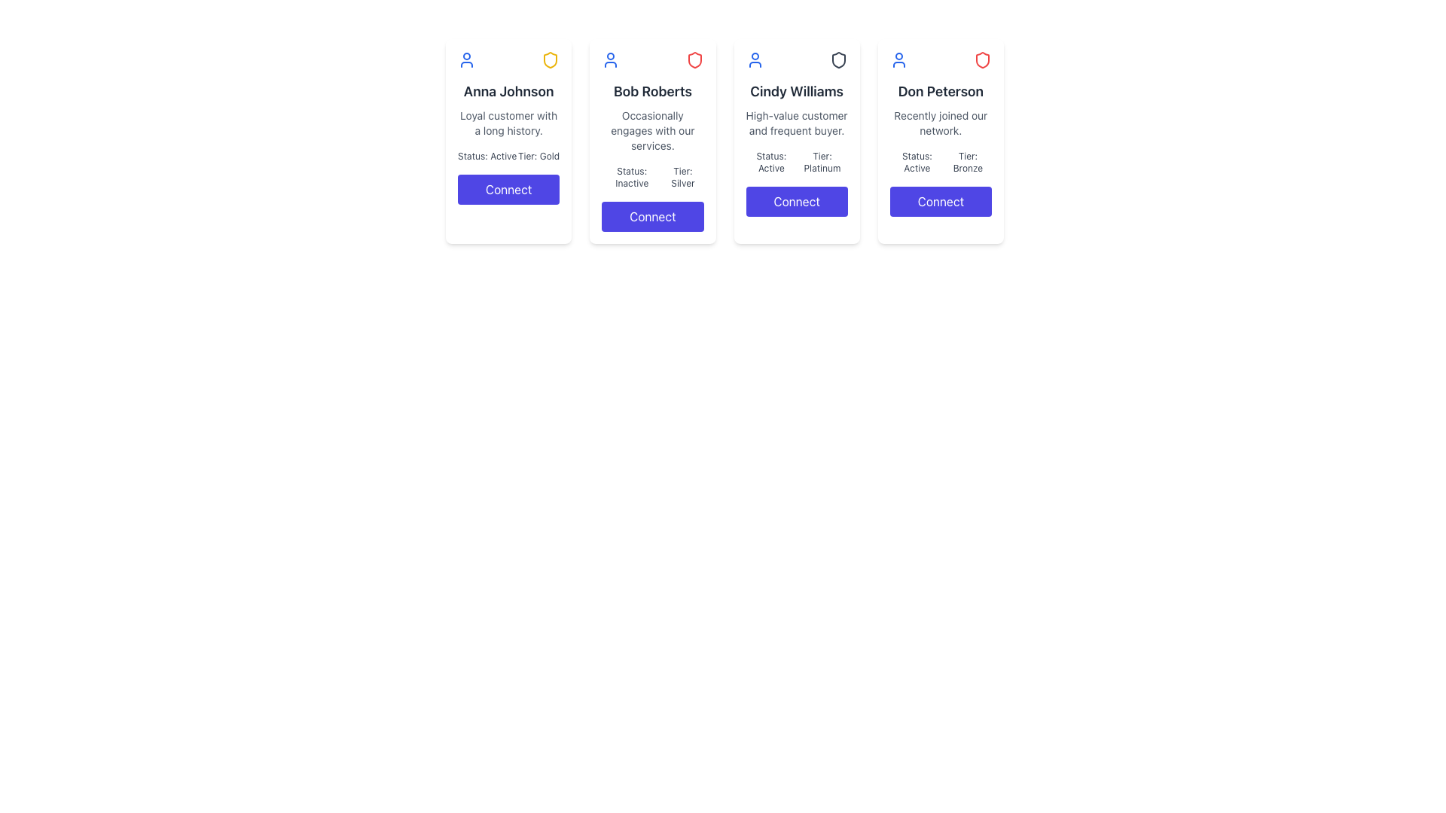  What do you see at coordinates (837, 59) in the screenshot?
I see `the shield icon status indicator on the third card from the left, located at the top-right corner adjacent to the name 'Cindy Williams'` at bounding box center [837, 59].